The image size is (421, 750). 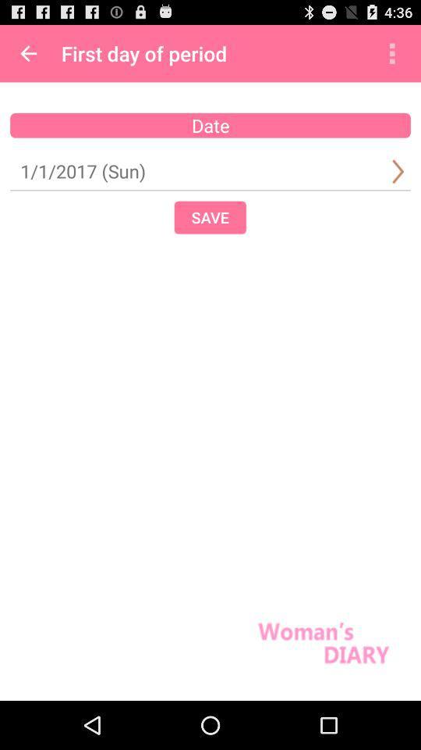 I want to click on save, so click(x=210, y=216).